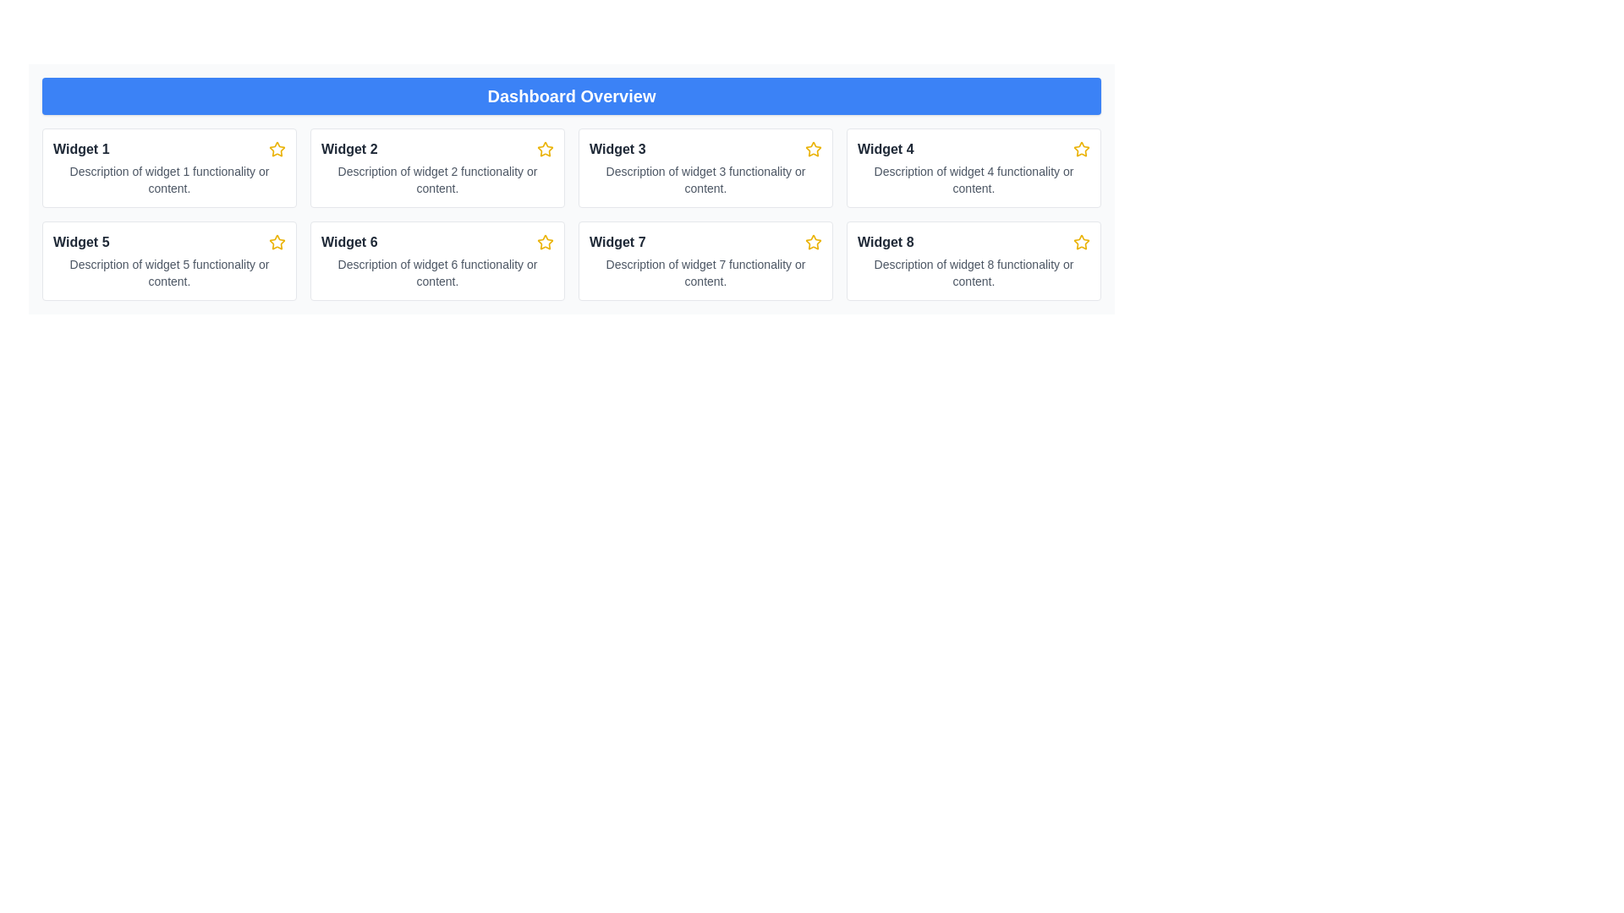 The height and width of the screenshot is (913, 1624). Describe the element at coordinates (80, 242) in the screenshot. I see `text content of the label located in the first column of the second row in the grid, which serves as the title or identifier for the associated item` at that location.